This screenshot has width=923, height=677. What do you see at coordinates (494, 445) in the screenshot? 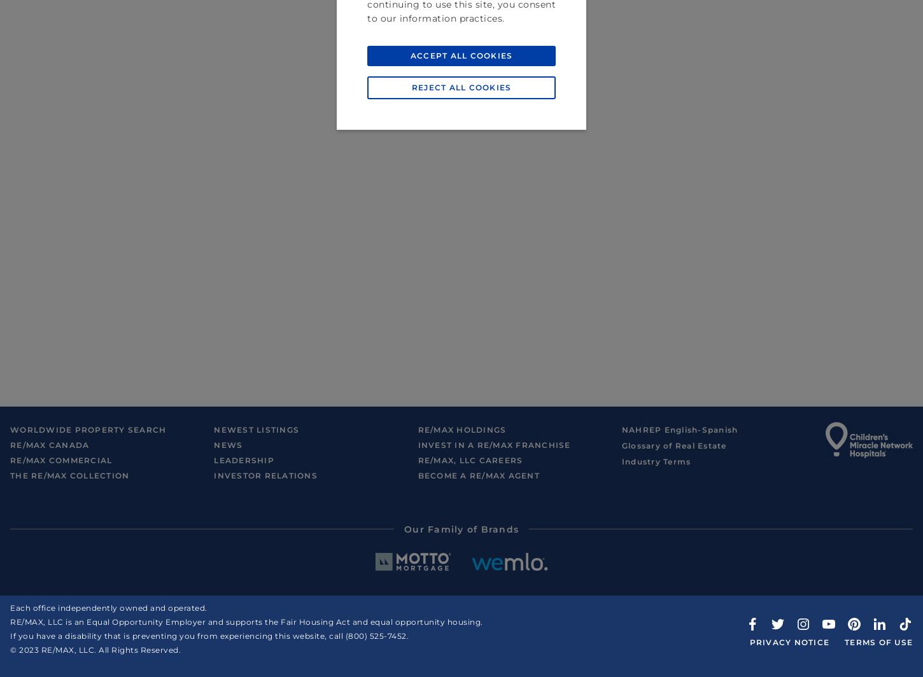
I see `'Invest in a RE/MAX Franchise'` at bounding box center [494, 445].